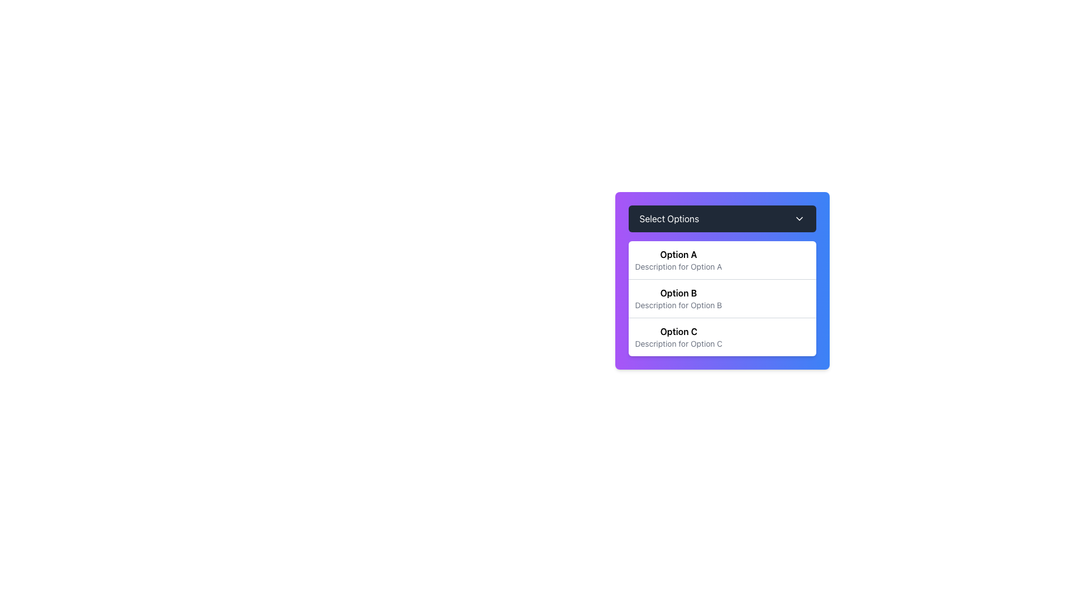  Describe the element at coordinates (678, 343) in the screenshot. I see `the informational text element displaying 'Description for Option C', which is located below the 'Option C' label in the dropdown options panel` at that location.